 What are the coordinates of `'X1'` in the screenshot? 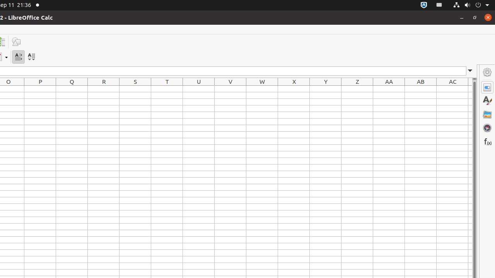 It's located at (294, 88).